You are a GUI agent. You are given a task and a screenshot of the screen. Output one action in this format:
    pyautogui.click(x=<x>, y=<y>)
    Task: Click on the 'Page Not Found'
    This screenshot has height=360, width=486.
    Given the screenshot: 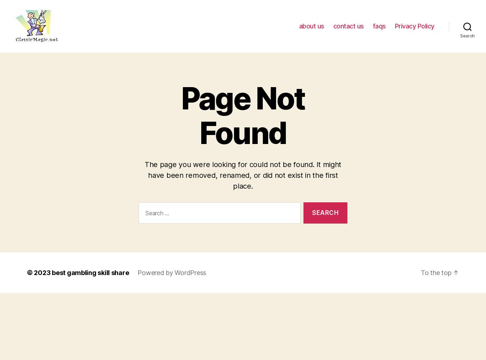 What is the action you would take?
    pyautogui.click(x=243, y=115)
    